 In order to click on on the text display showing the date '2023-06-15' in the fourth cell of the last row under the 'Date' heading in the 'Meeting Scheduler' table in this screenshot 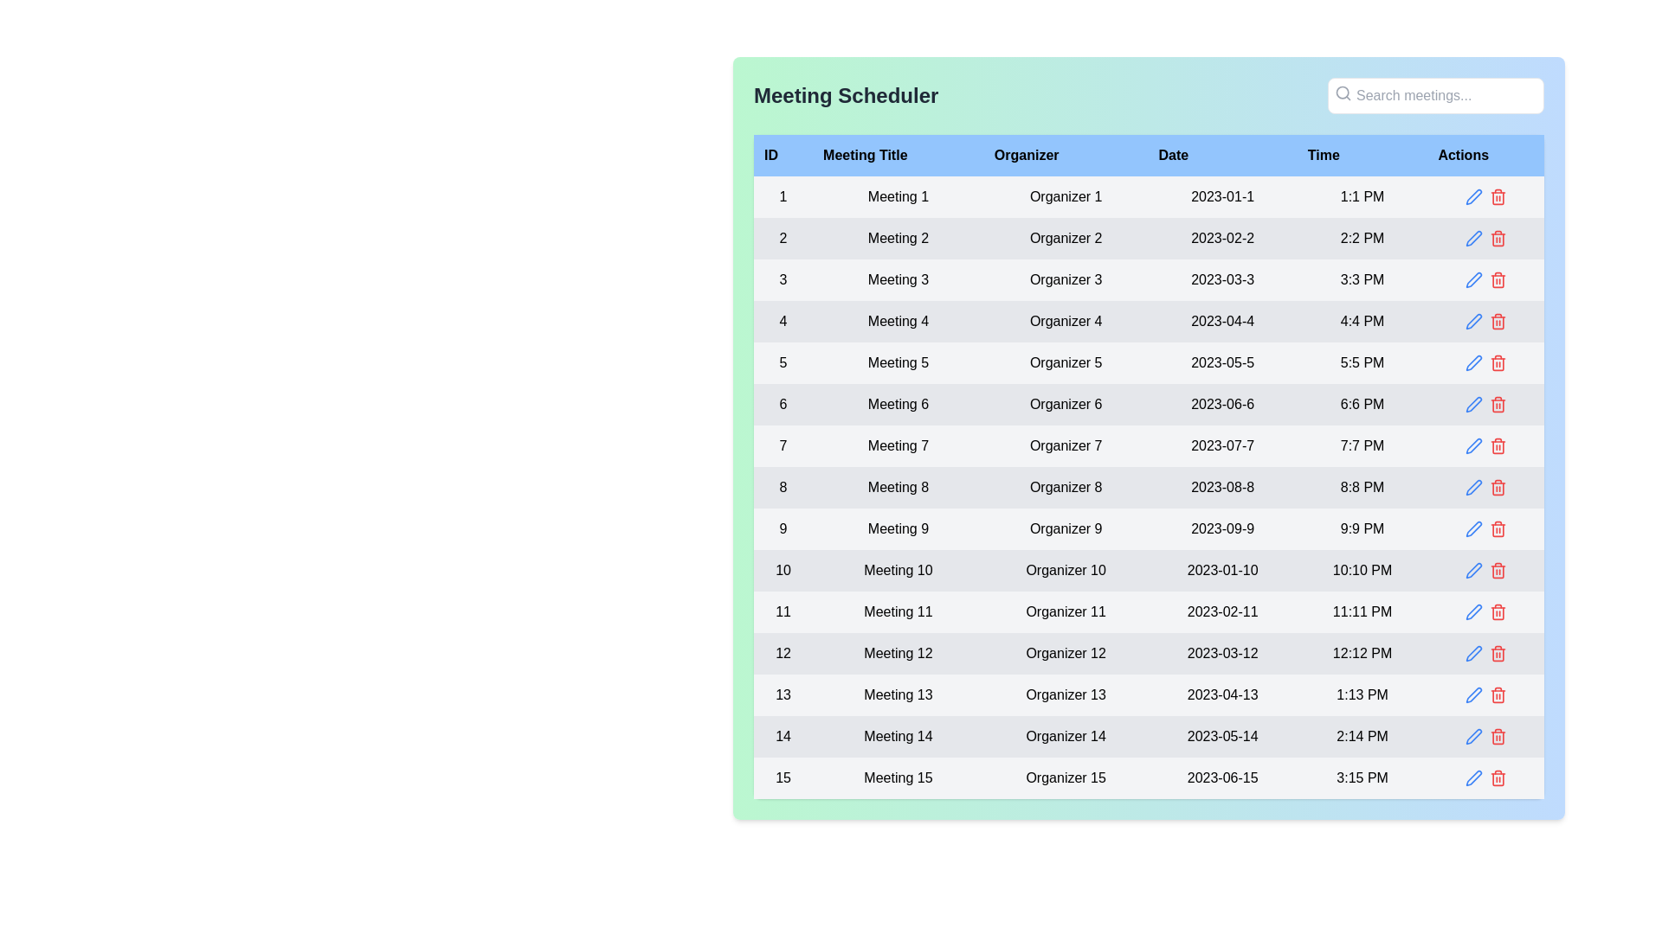, I will do `click(1221, 777)`.